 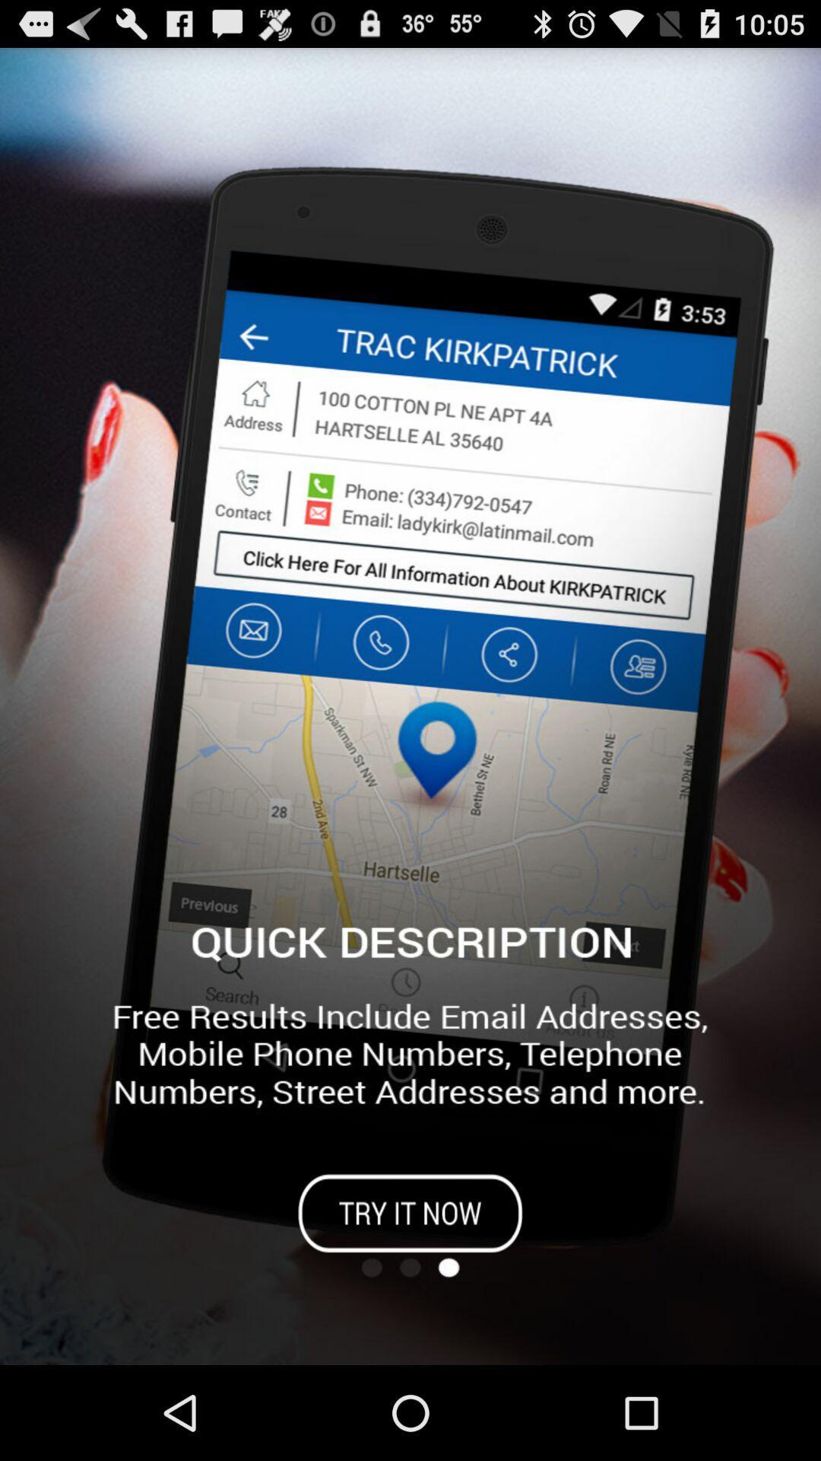 What do you see at coordinates (410, 1212) in the screenshot?
I see `button` at bounding box center [410, 1212].